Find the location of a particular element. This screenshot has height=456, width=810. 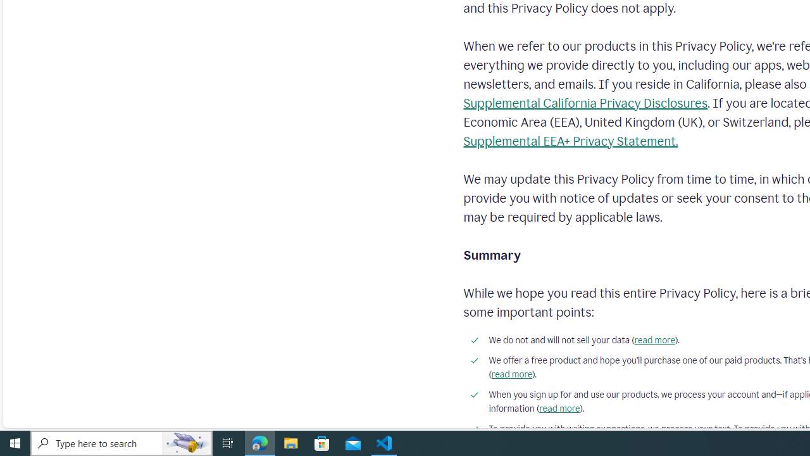

'Supplemental California Privacy Disclosures' is located at coordinates (585, 103).